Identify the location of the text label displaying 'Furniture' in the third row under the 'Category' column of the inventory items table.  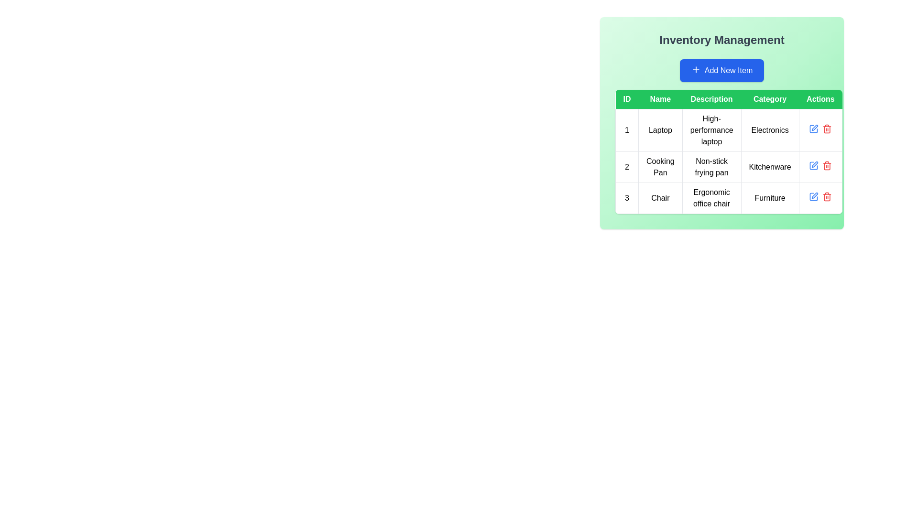
(770, 198).